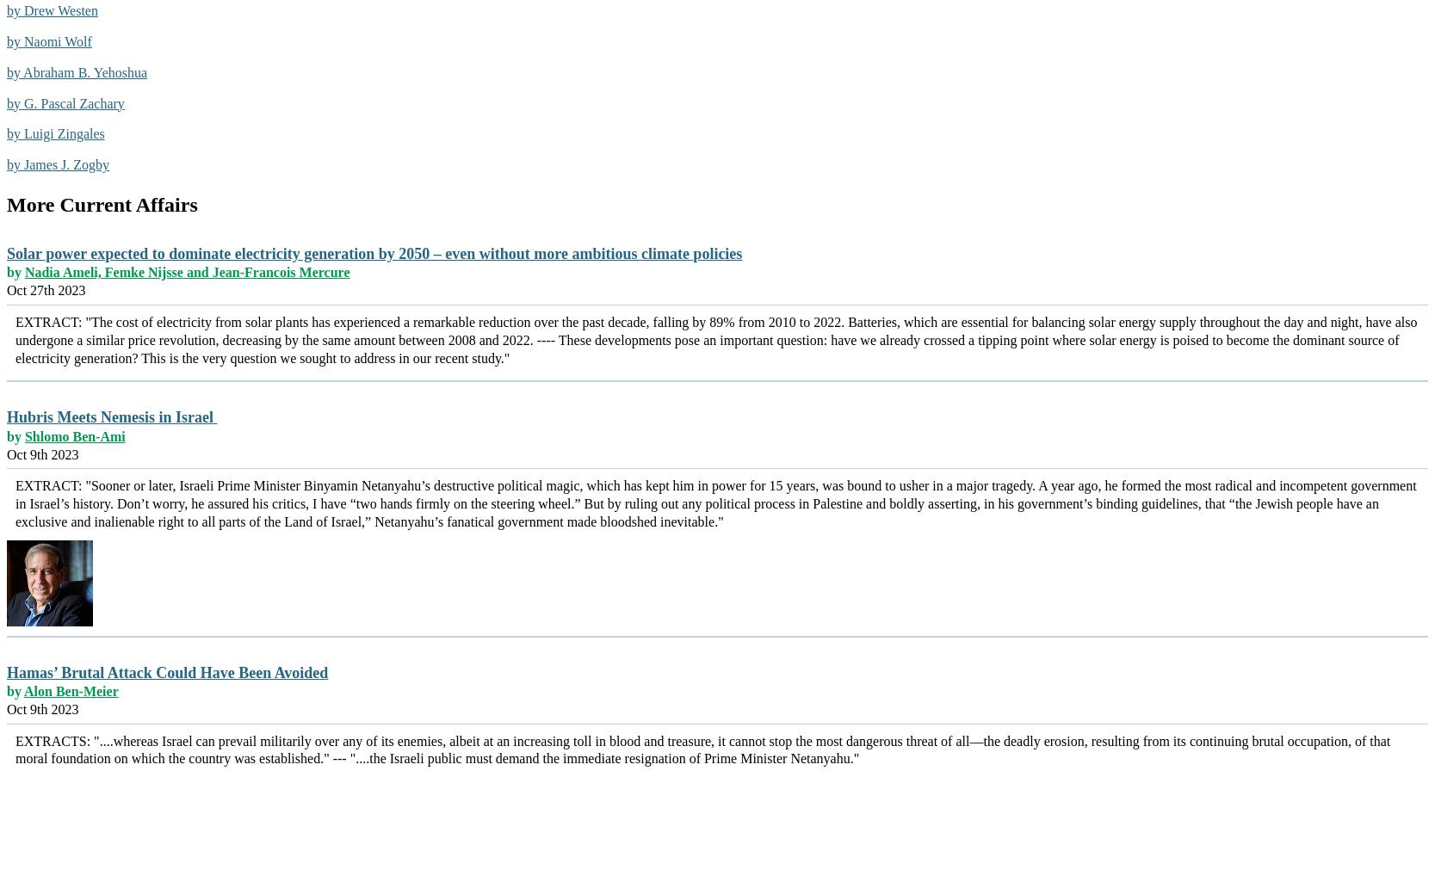 The image size is (1435, 888). Describe the element at coordinates (52, 10) in the screenshot. I see `'by Drew Westen'` at that location.